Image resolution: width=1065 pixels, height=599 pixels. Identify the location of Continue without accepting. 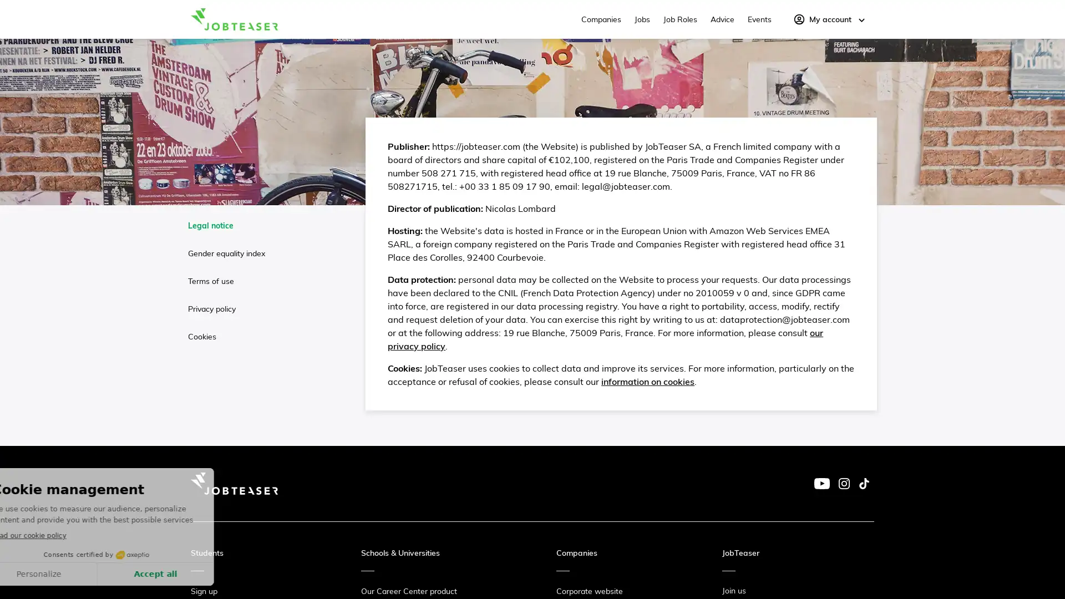
(184, 455).